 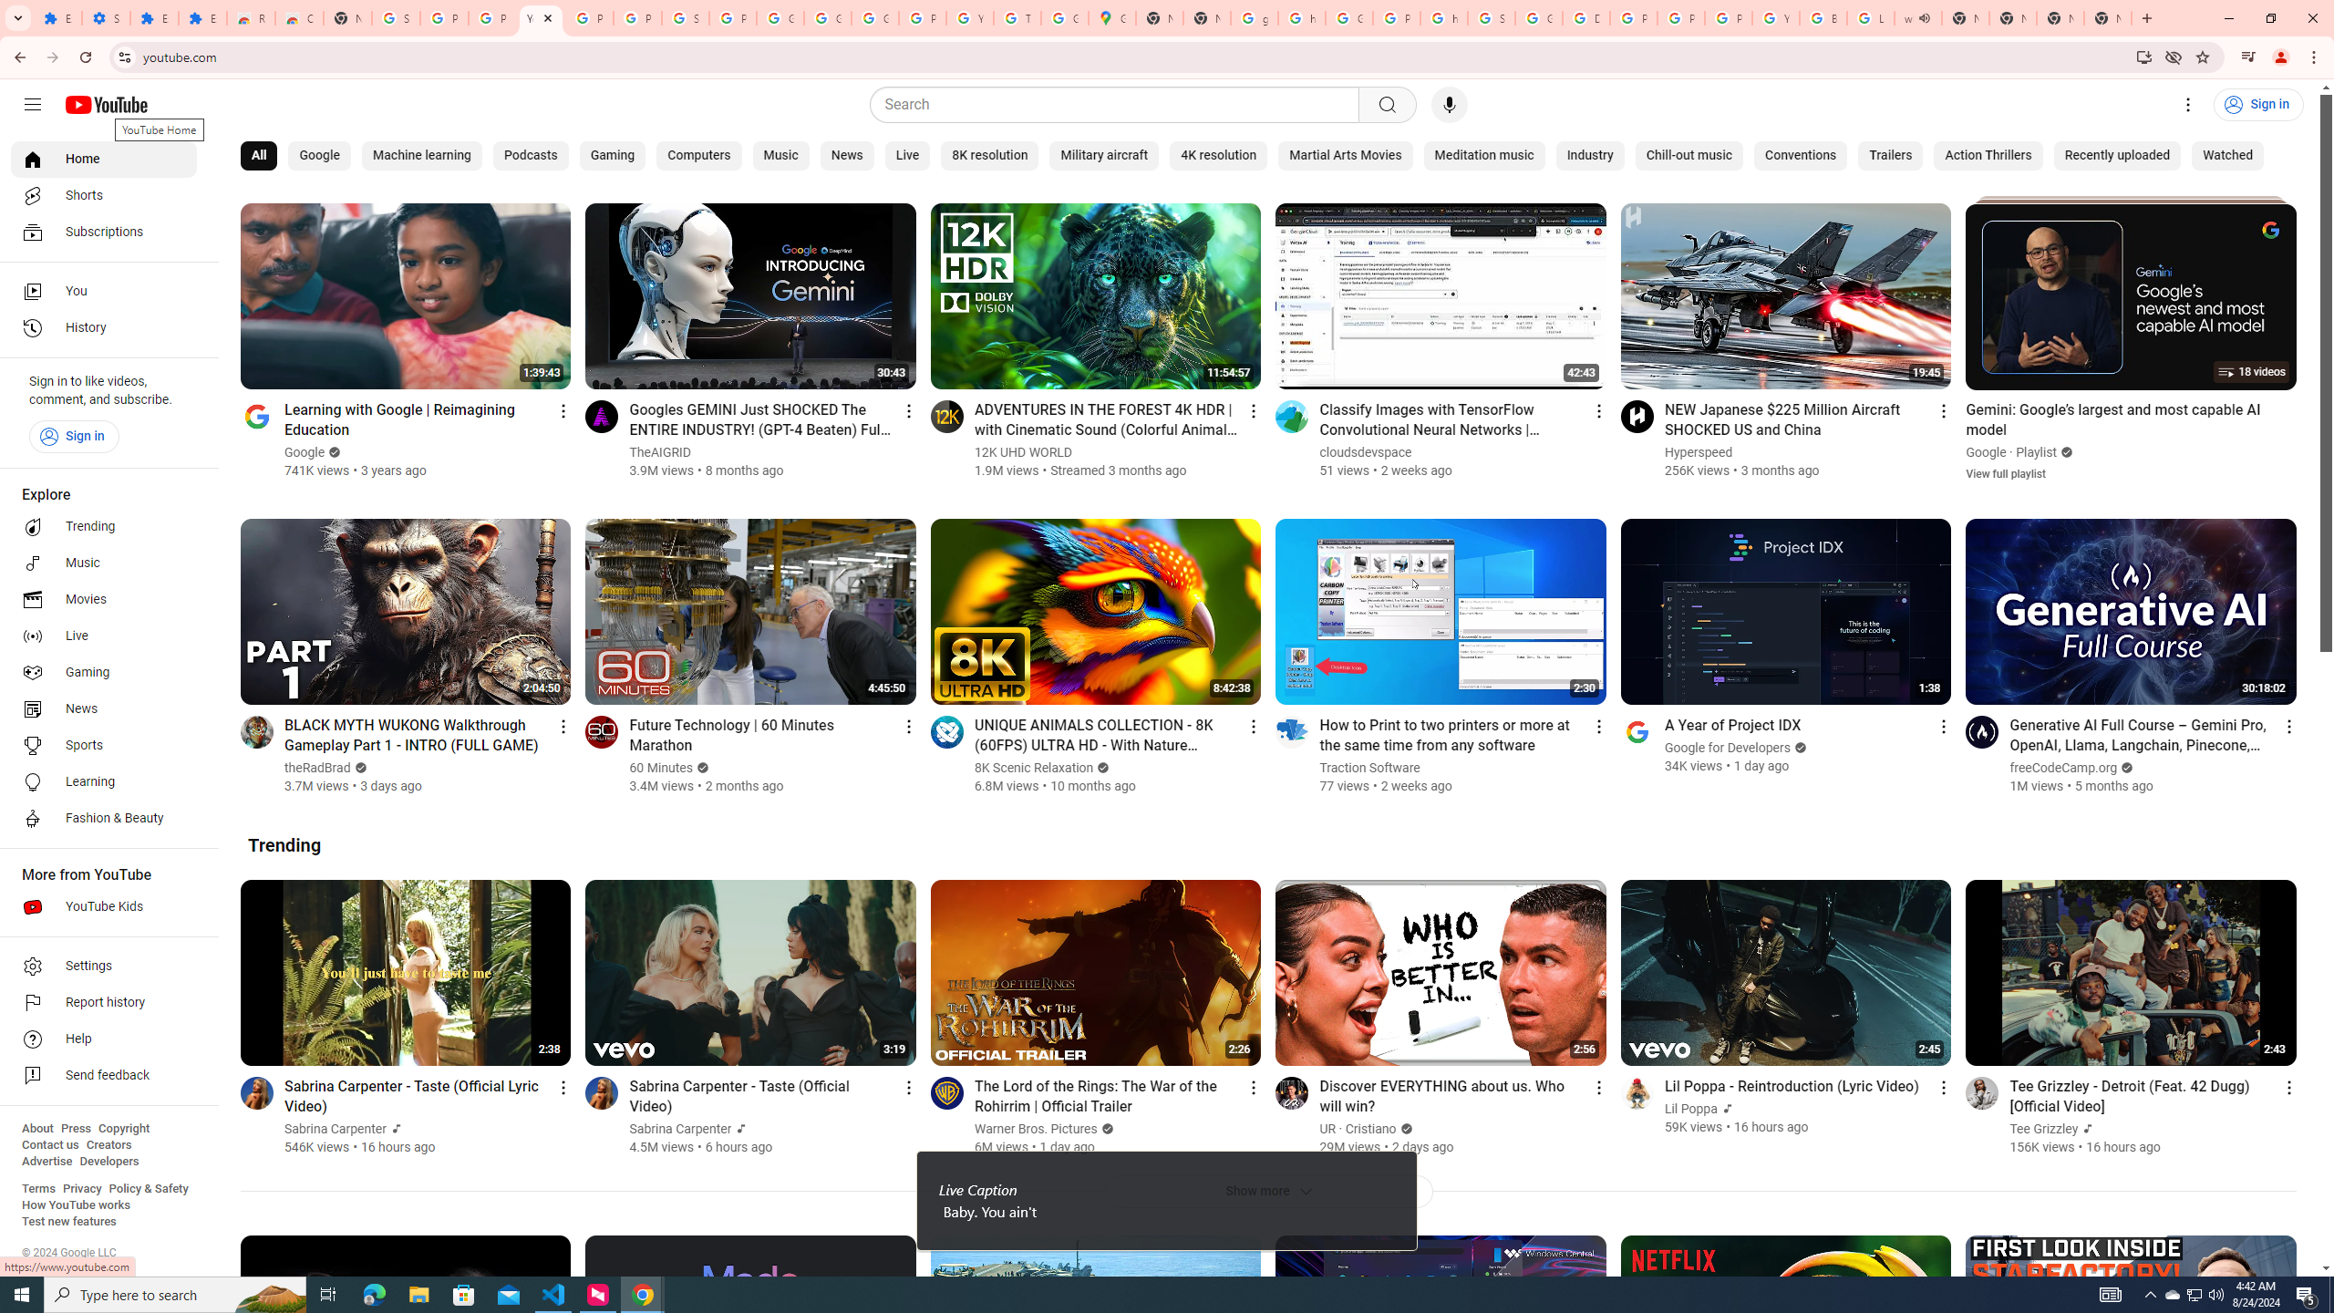 I want to click on '8K Scenic Relaxation', so click(x=1033, y=768).